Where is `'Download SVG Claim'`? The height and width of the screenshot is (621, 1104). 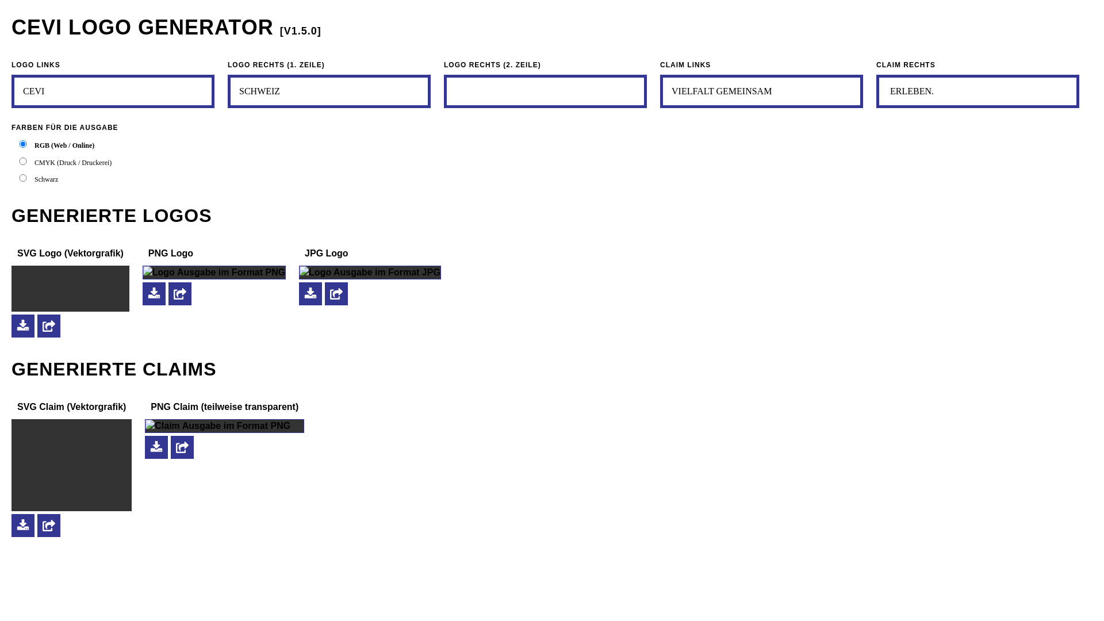 'Download SVG Claim' is located at coordinates (11, 526).